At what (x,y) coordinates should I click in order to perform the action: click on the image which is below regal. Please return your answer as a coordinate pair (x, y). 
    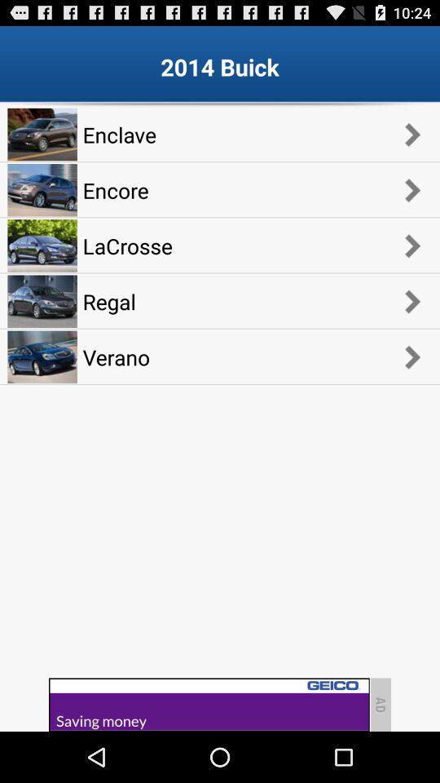
    Looking at the image, I should click on (42, 356).